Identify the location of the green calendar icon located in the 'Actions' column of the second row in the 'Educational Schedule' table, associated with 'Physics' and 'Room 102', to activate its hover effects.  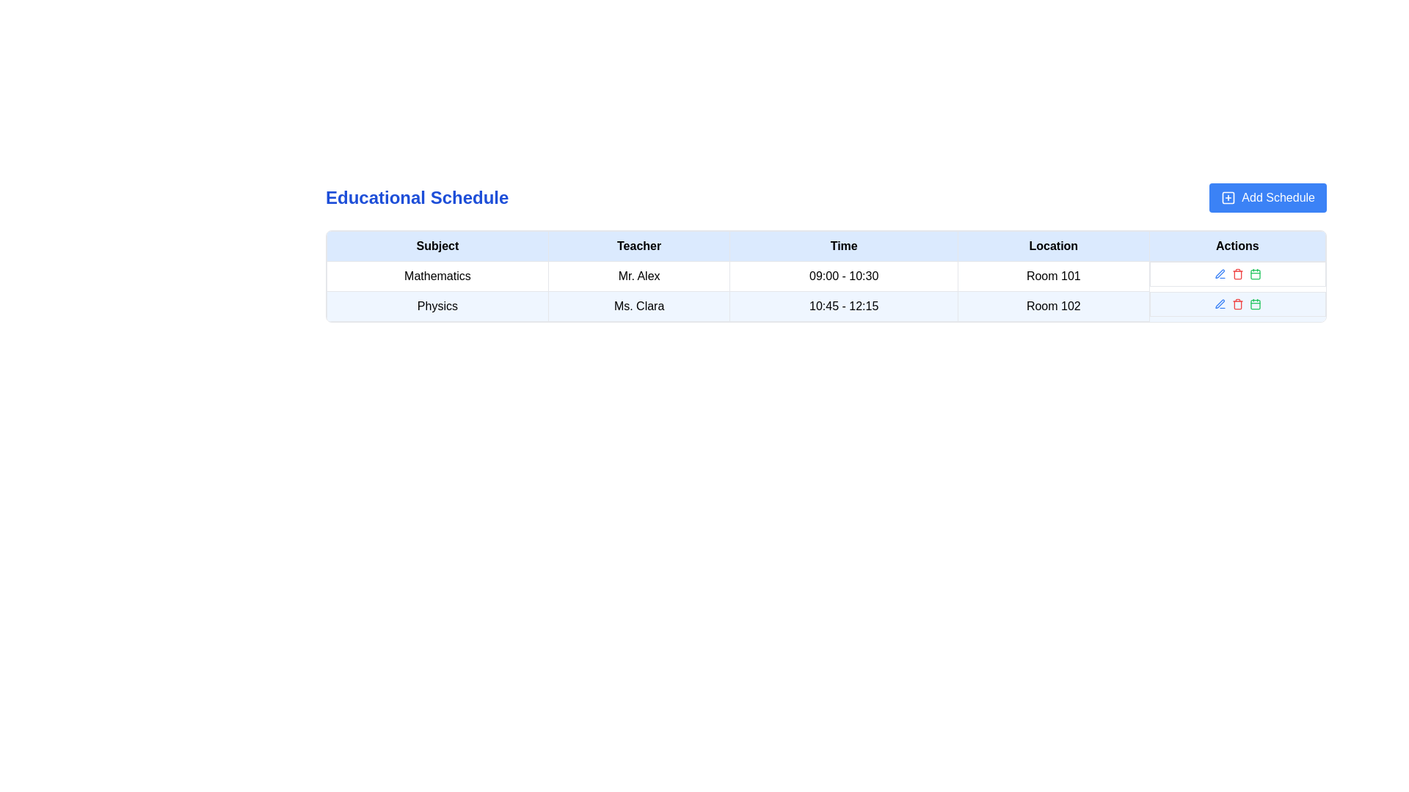
(1254, 274).